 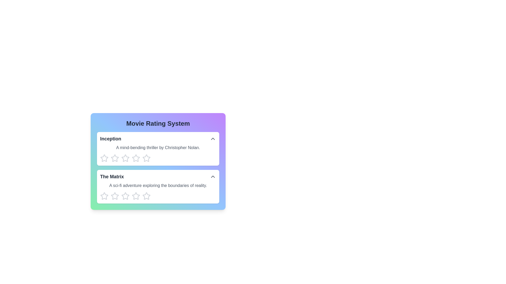 What do you see at coordinates (104, 196) in the screenshot?
I see `the first star-shaped rating icon for 'The Matrix'` at bounding box center [104, 196].